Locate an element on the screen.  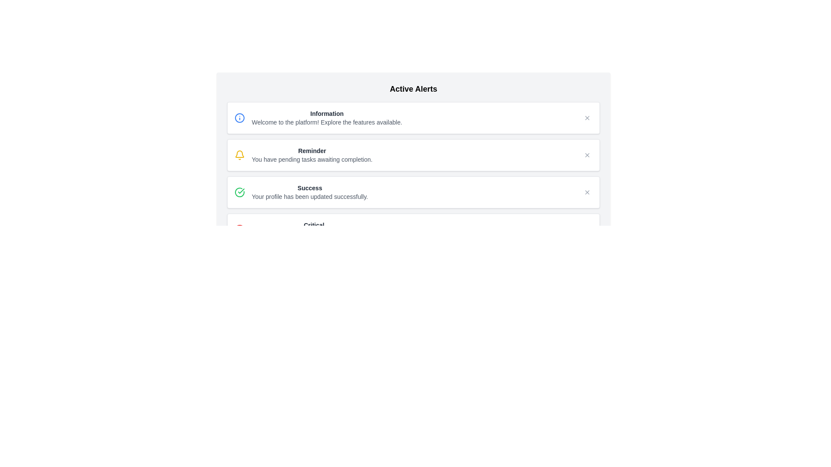
the dismiss button with a small 'X' icon located to the right of the alert box to change its color from gray to black is located at coordinates (587, 154).